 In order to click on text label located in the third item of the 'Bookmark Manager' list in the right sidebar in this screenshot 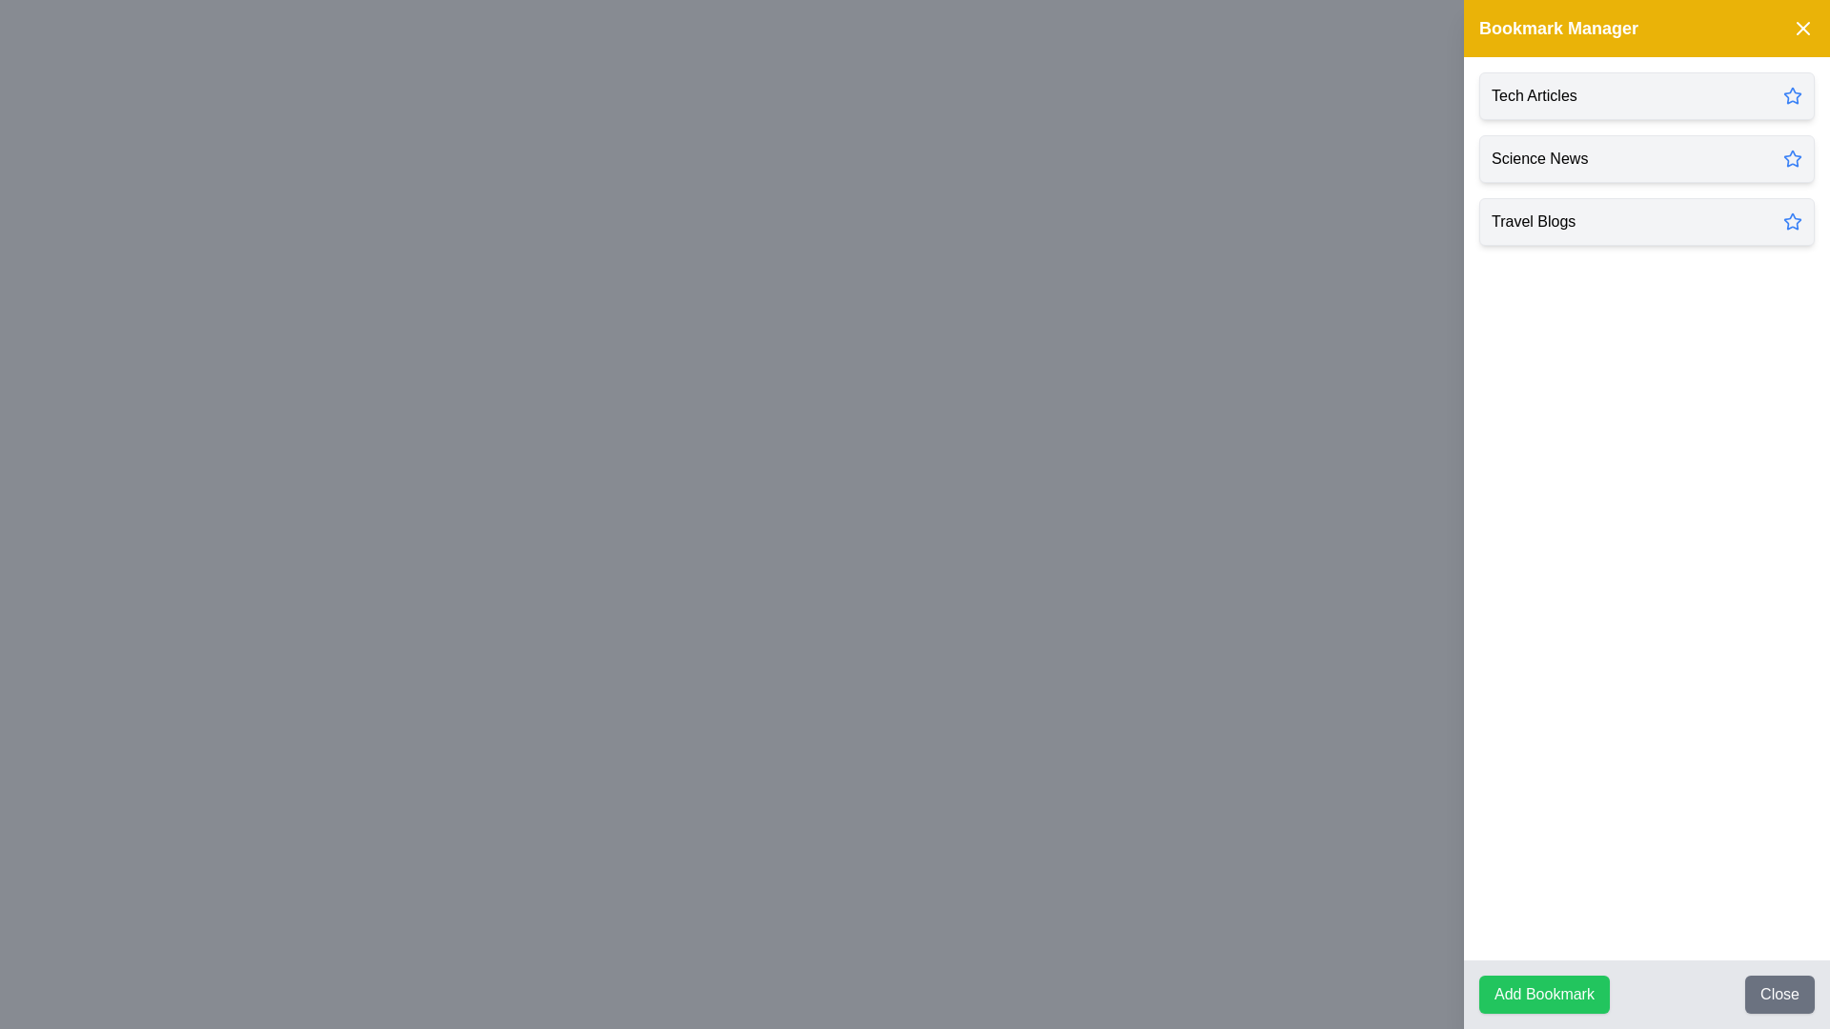, I will do `click(1534, 220)`.